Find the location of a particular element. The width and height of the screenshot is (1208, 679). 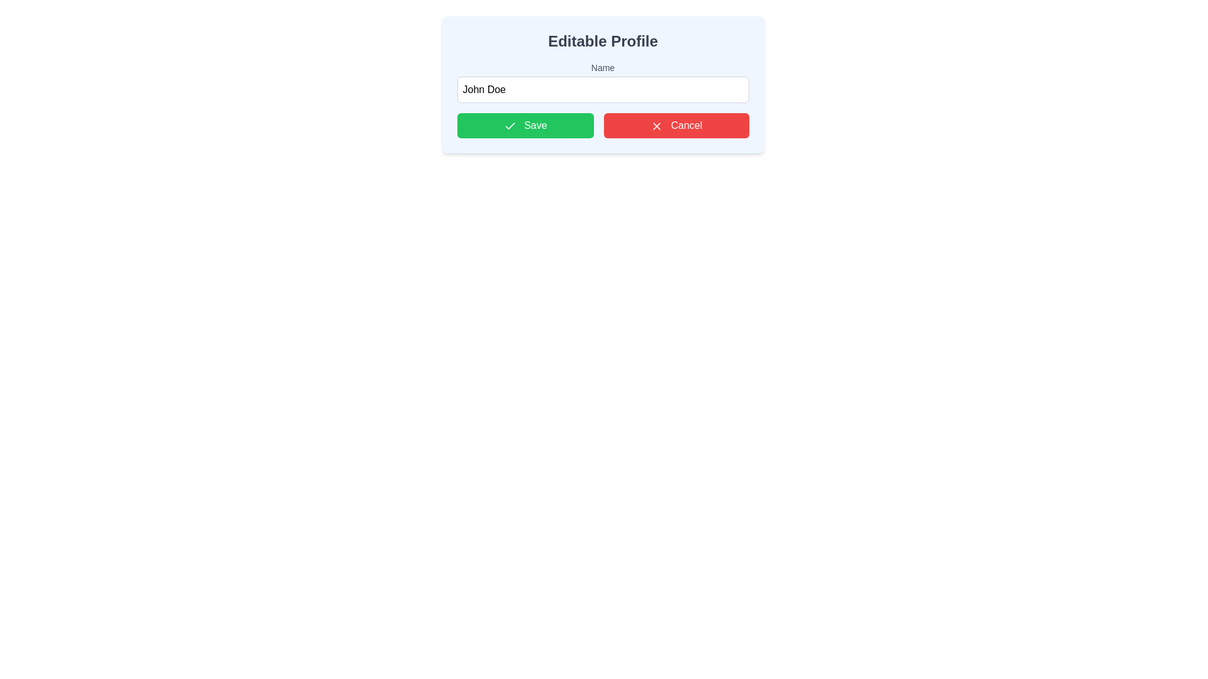

the checkmark icon embedded in the green 'Save' button, which is the first button on the left side of the button row below the text field is located at coordinates (510, 126).